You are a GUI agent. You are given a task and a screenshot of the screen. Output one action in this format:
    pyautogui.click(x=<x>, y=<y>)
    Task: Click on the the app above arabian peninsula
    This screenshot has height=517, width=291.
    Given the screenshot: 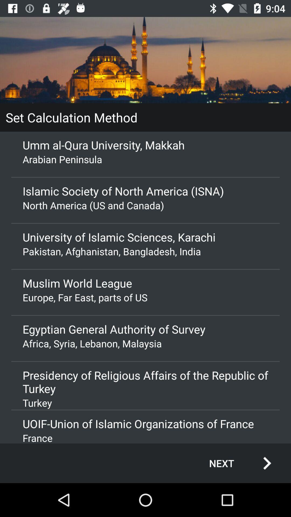 What is the action you would take?
    pyautogui.click(x=145, y=145)
    